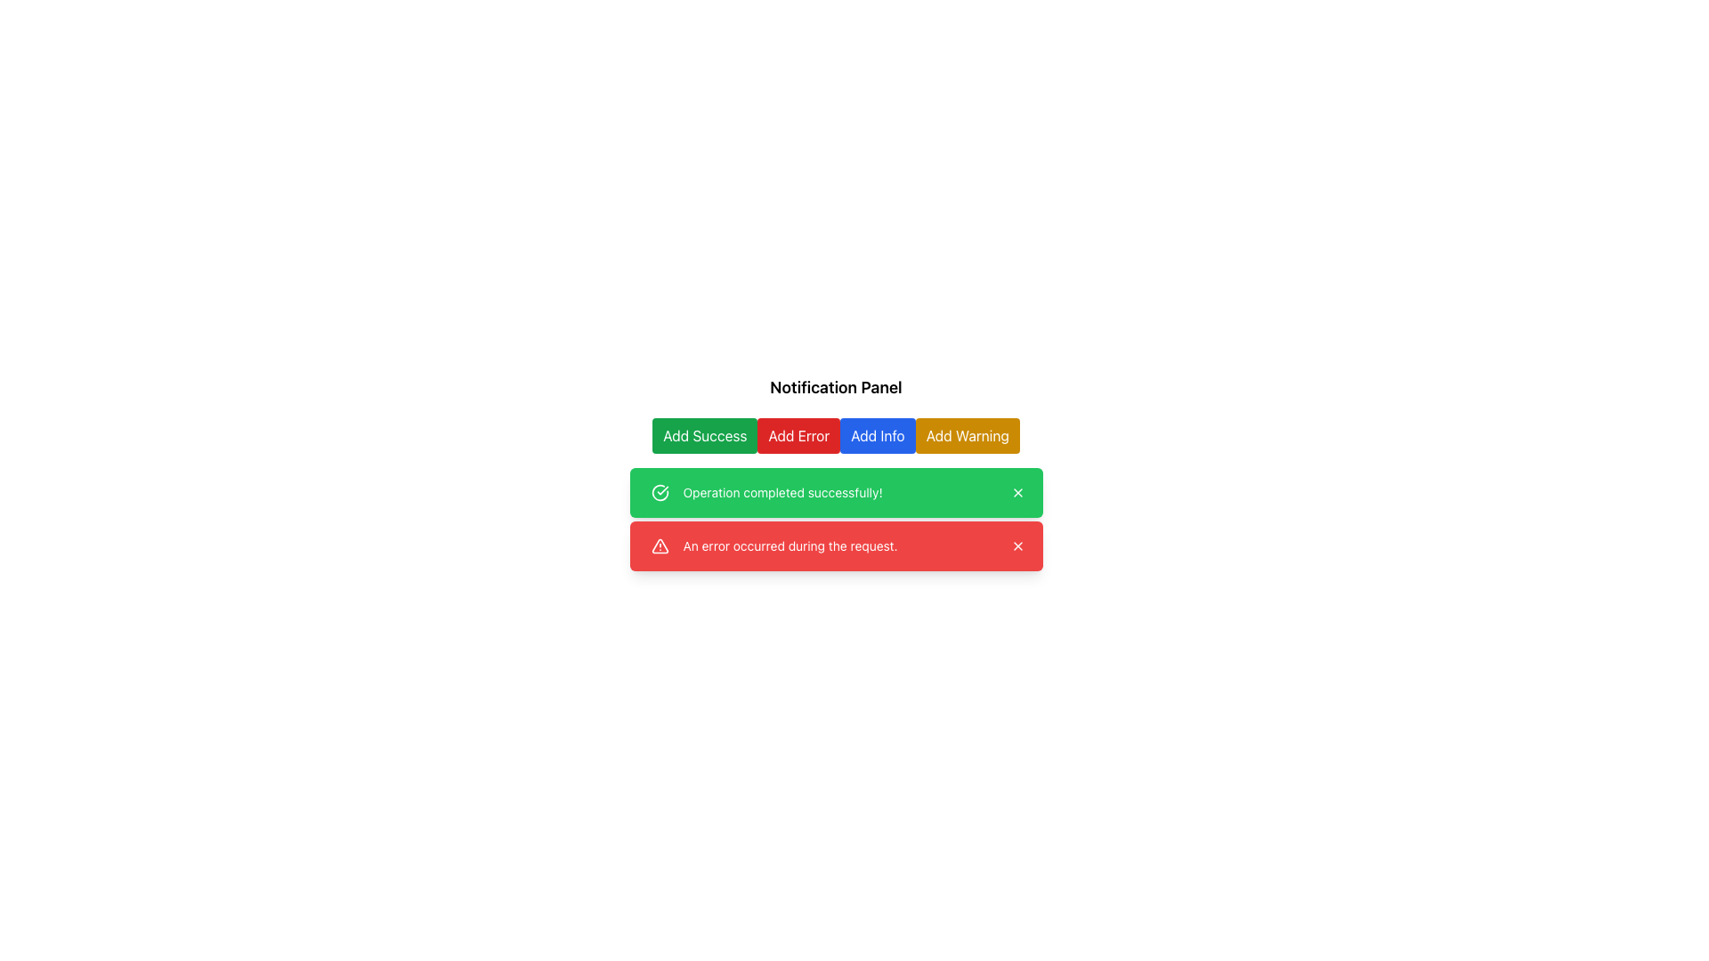 The image size is (1709, 961). What do you see at coordinates (782, 493) in the screenshot?
I see `message displayed in the text label saying 'Operation completed successfully!' which is located within the green notification card to the right of the checkmark icon` at bounding box center [782, 493].